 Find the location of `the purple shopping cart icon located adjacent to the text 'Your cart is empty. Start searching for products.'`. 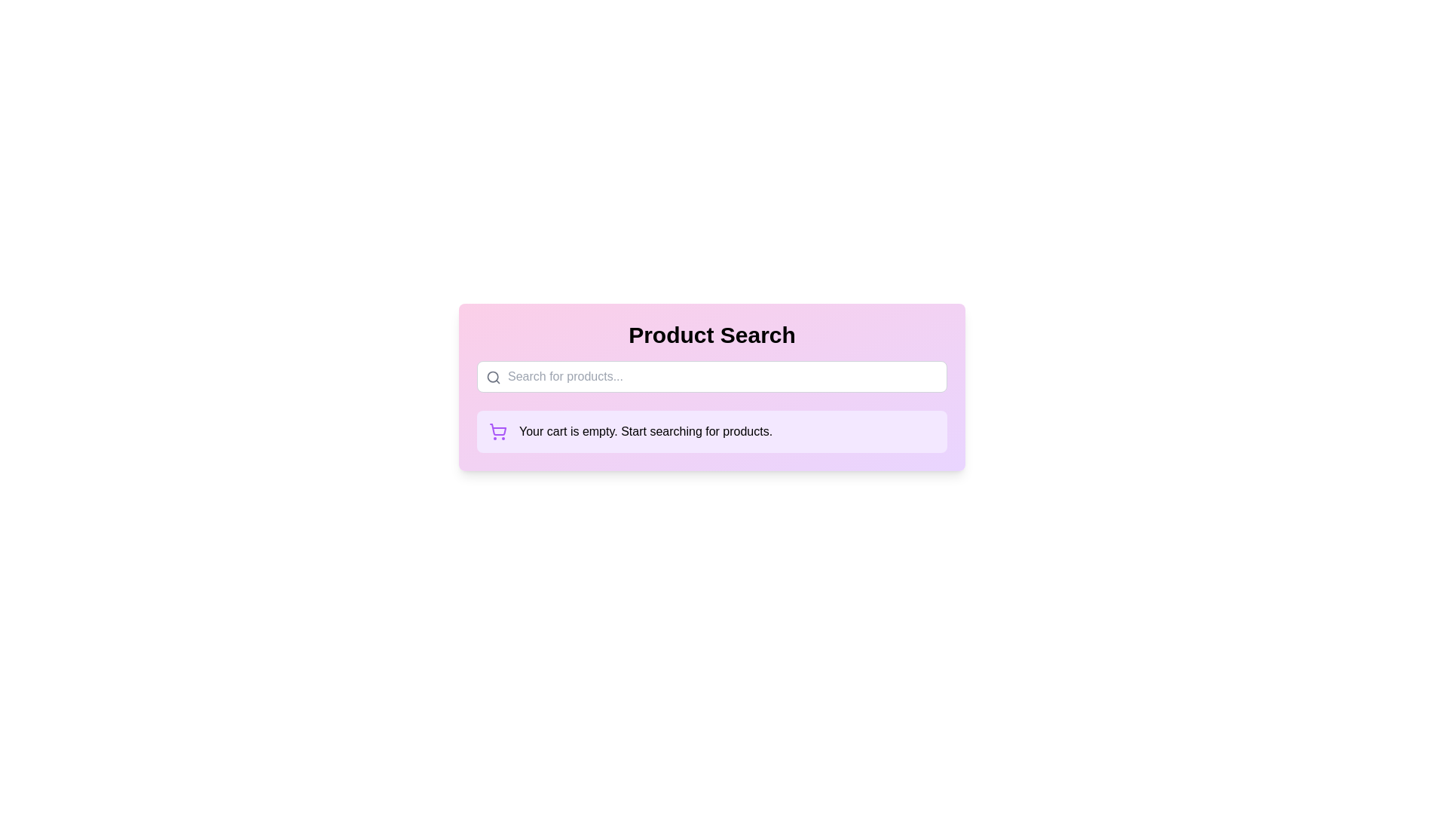

the purple shopping cart icon located adjacent to the text 'Your cart is empty. Start searching for products.' is located at coordinates (498, 430).